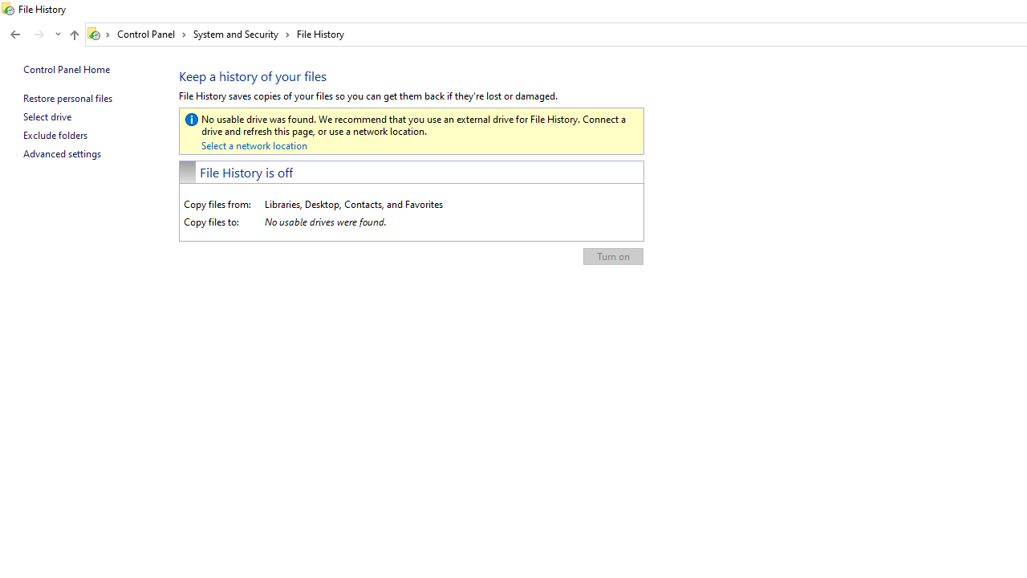 Image resolution: width=1027 pixels, height=578 pixels. Describe the element at coordinates (253, 145) in the screenshot. I see `'Select a network location'` at that location.